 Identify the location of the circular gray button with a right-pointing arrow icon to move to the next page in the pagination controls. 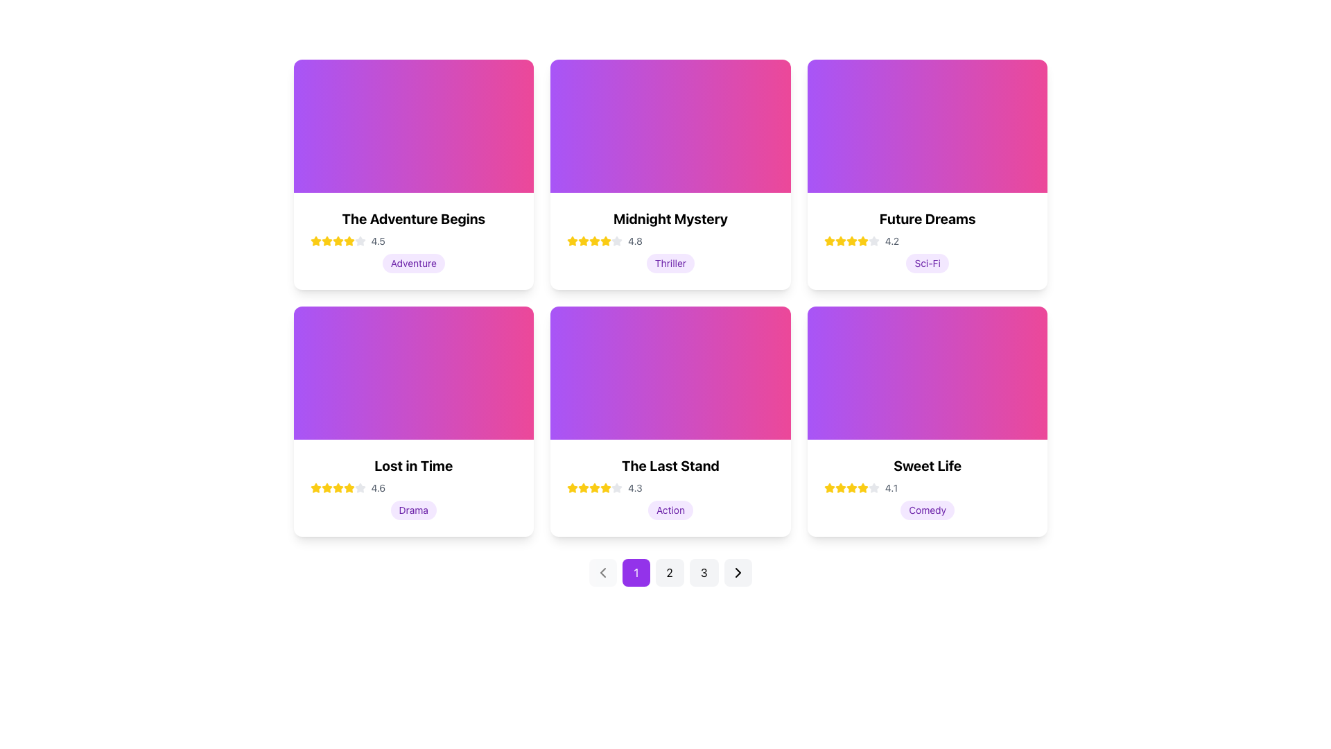
(737, 572).